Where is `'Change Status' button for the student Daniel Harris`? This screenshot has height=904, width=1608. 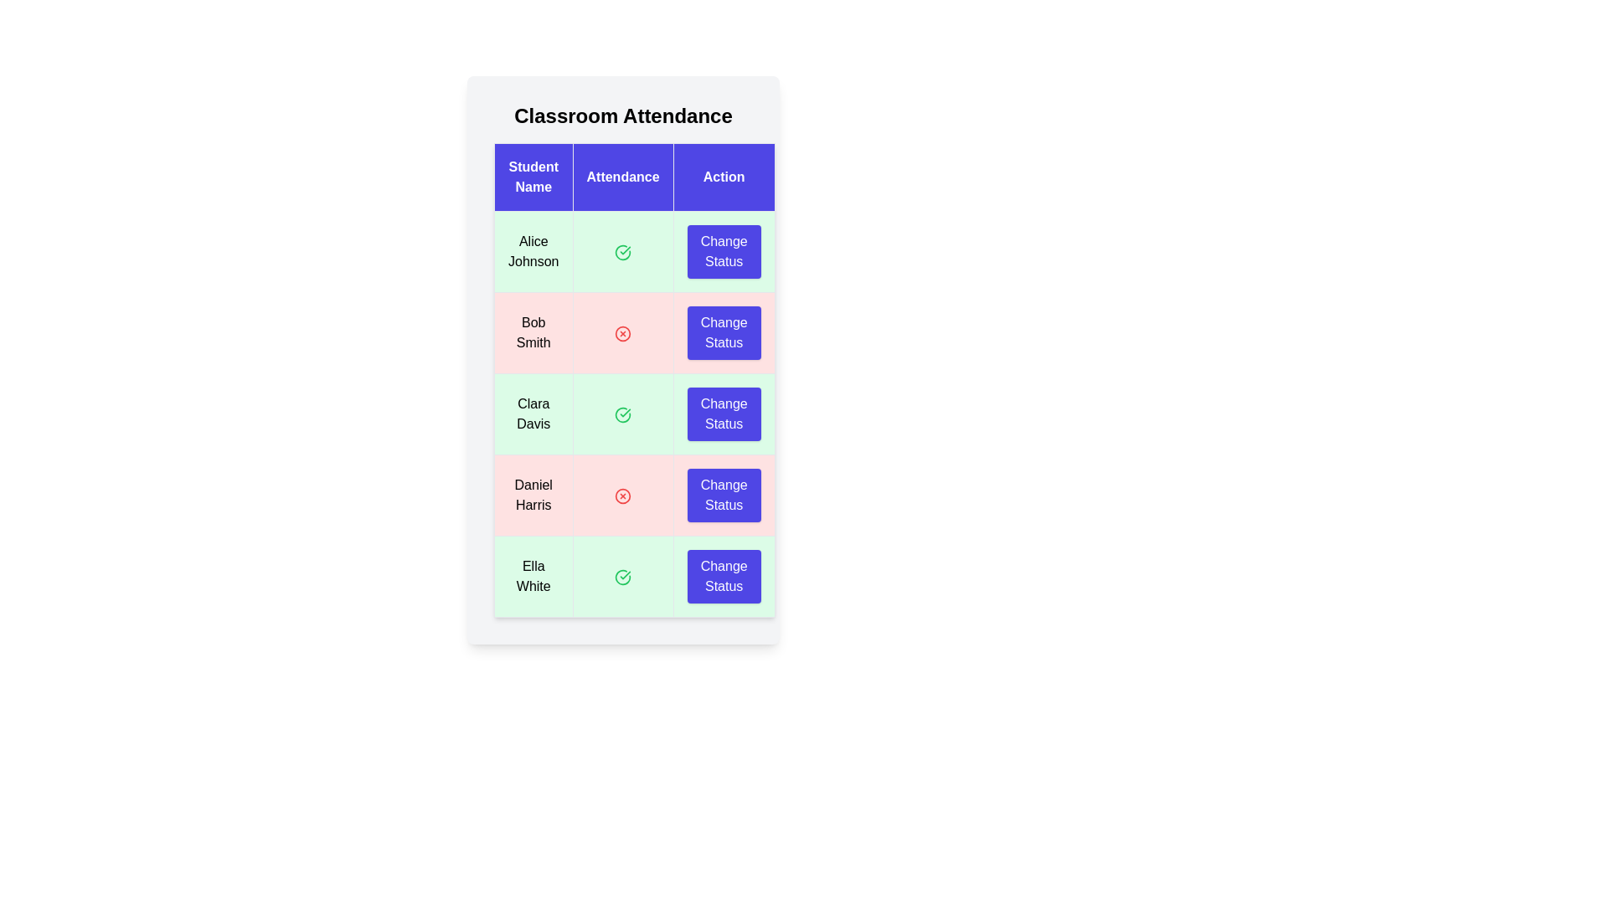
'Change Status' button for the student Daniel Harris is located at coordinates (724, 494).